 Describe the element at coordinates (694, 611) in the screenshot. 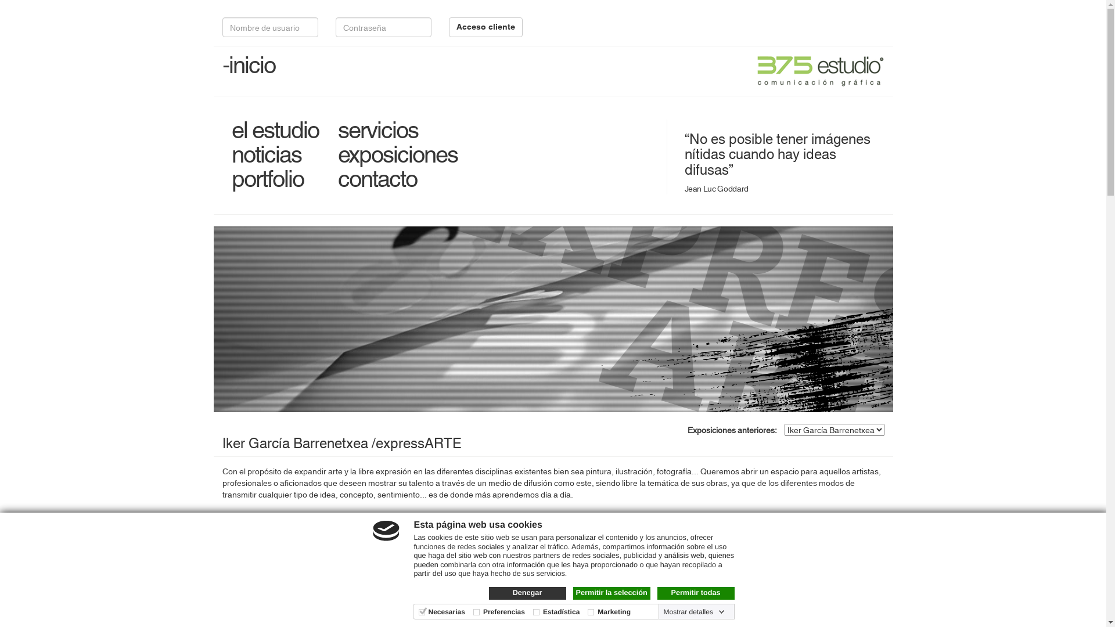

I see `'Mostrar detalles'` at that location.